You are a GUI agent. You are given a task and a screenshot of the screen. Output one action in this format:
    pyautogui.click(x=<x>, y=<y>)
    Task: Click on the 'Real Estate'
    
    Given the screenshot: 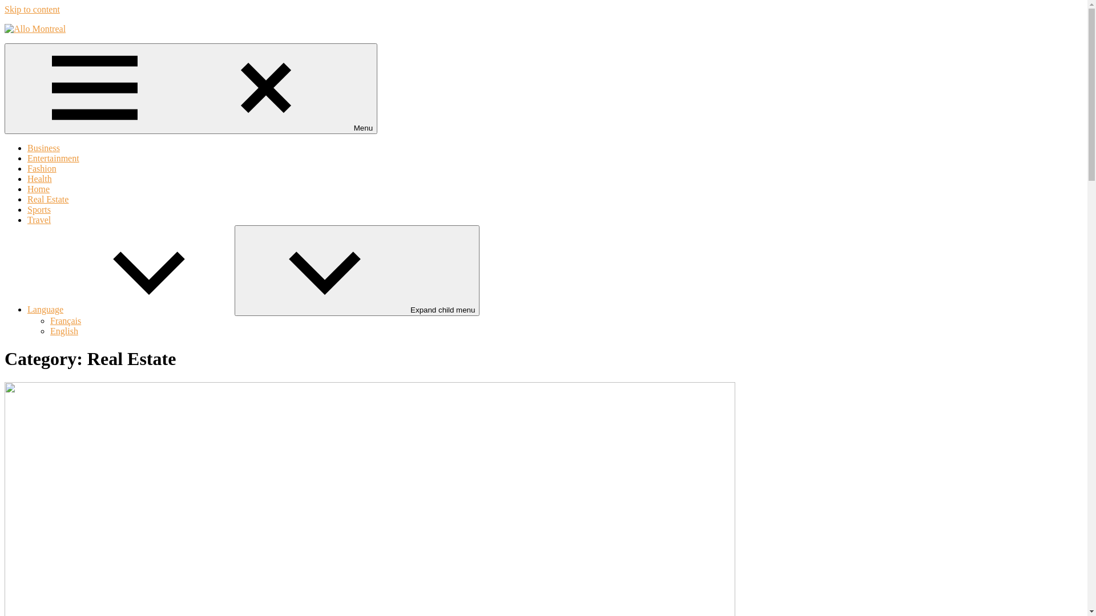 What is the action you would take?
    pyautogui.click(x=27, y=198)
    